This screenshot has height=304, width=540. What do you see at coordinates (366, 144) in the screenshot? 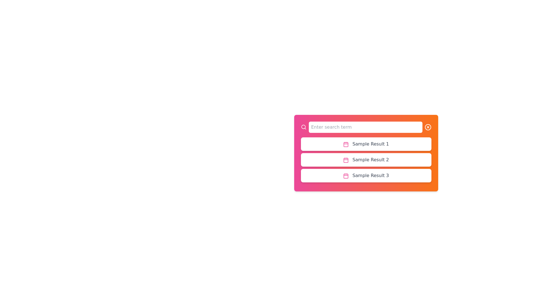
I see `the first button in the list of search results` at bounding box center [366, 144].